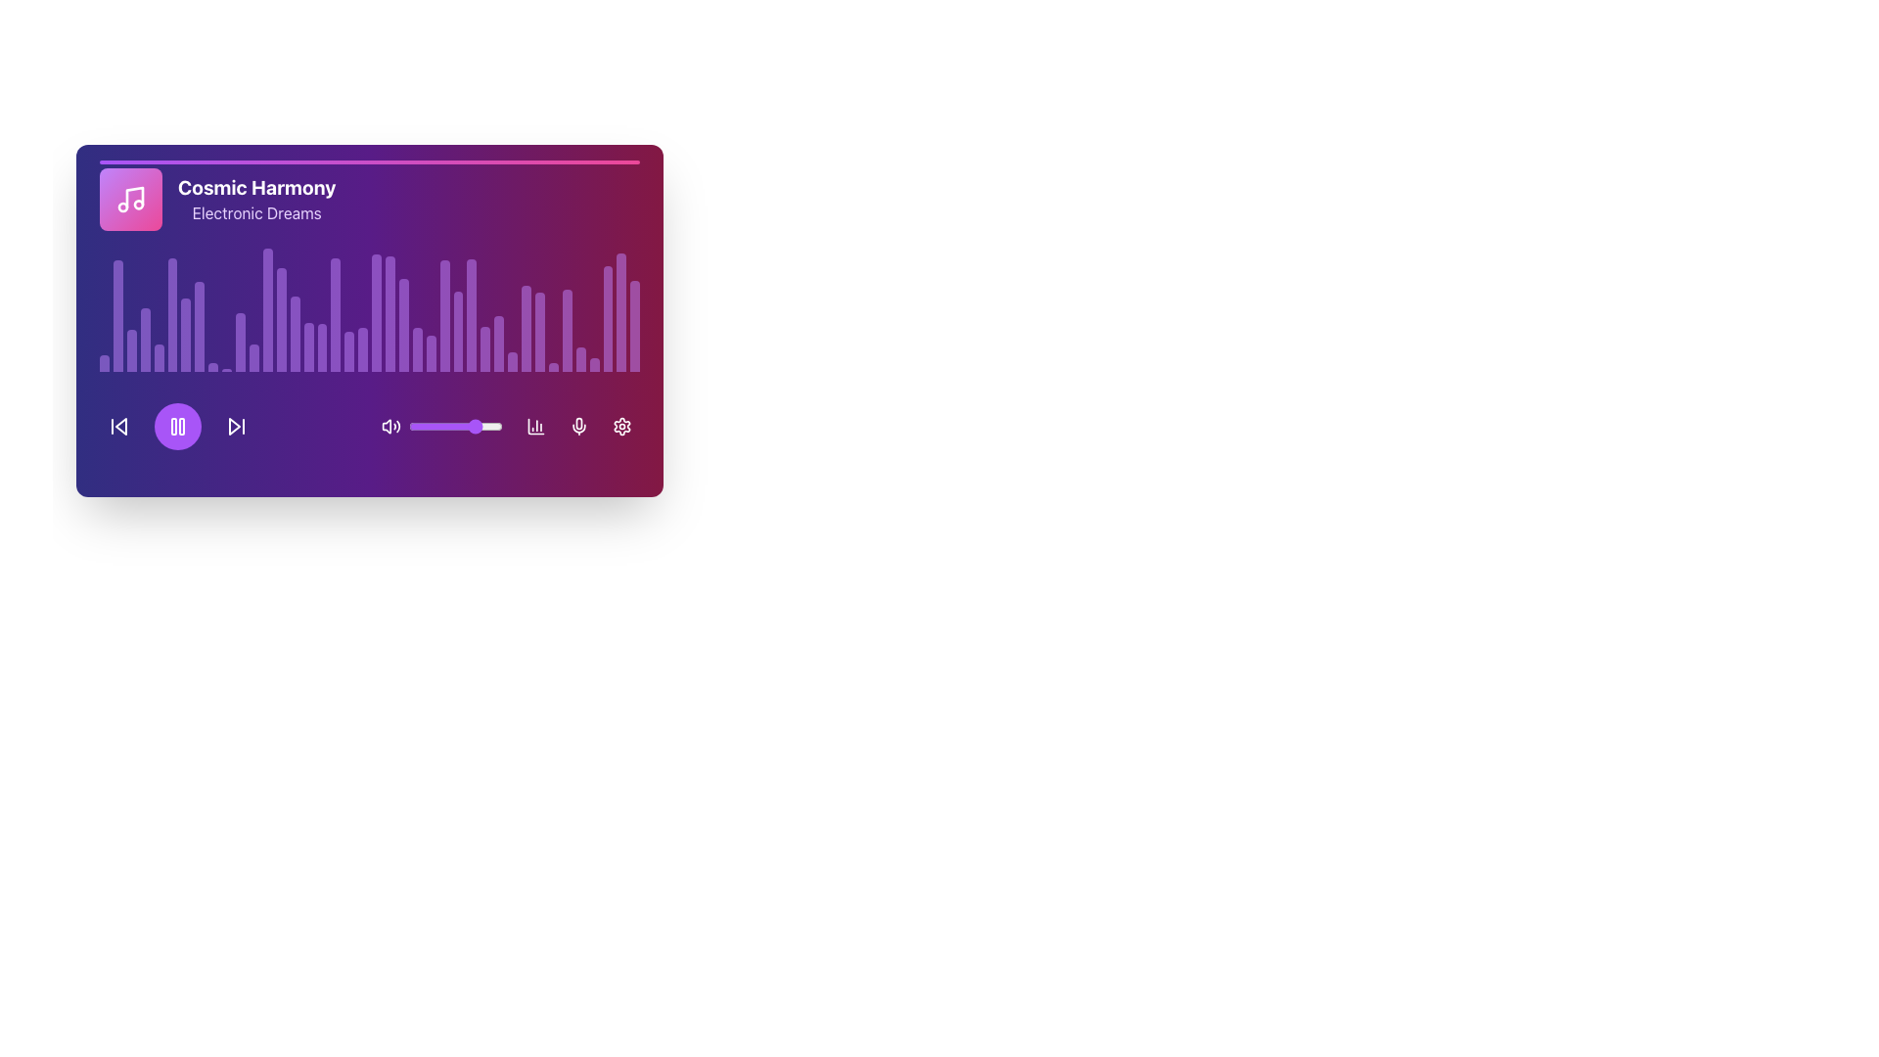  What do you see at coordinates (566, 329) in the screenshot?
I see `the 36th vertical purple gradient bar in the audio equalizer display` at bounding box center [566, 329].